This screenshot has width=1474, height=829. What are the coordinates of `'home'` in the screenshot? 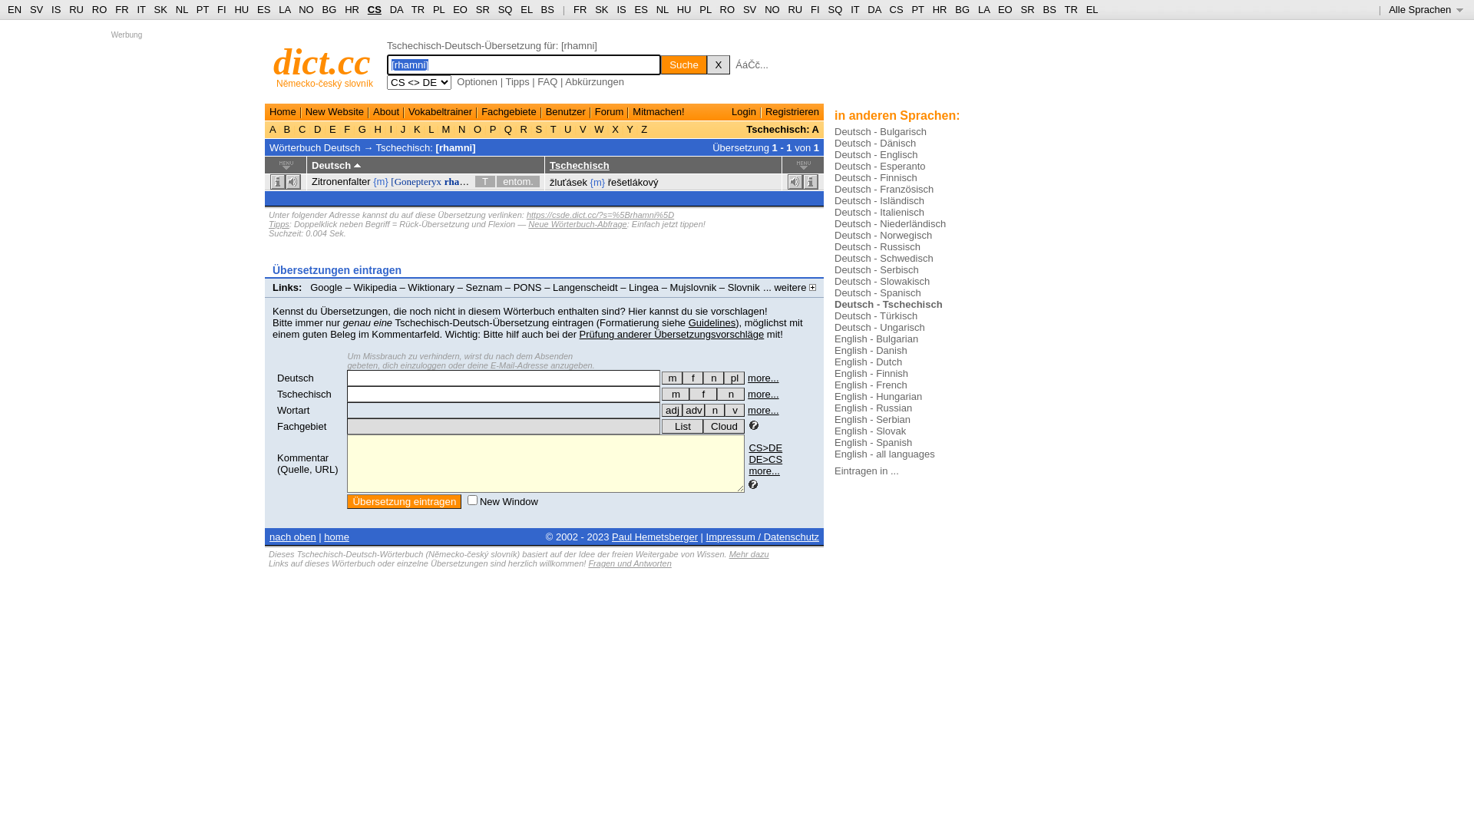 It's located at (335, 536).